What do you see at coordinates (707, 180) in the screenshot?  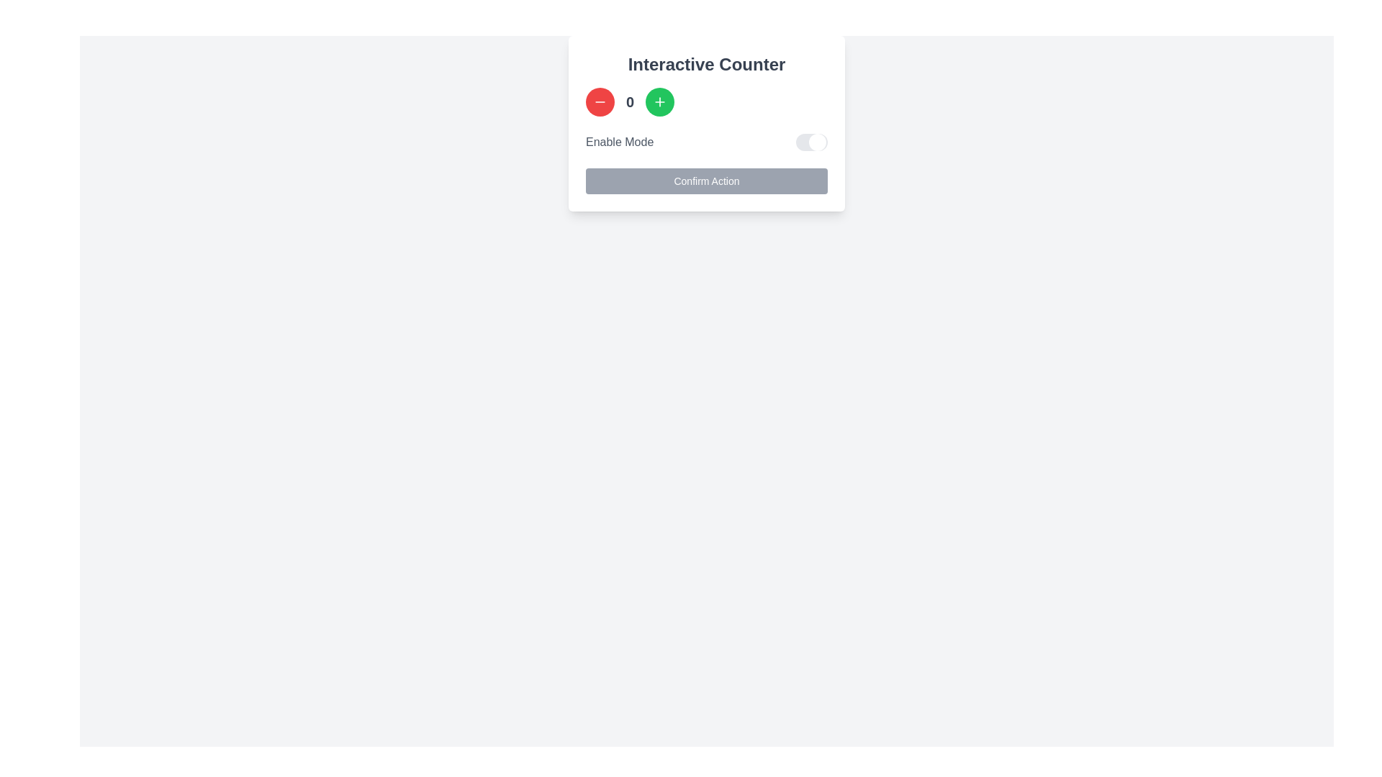 I see `the confirmation button located below the 'Enable Mode' switch` at bounding box center [707, 180].